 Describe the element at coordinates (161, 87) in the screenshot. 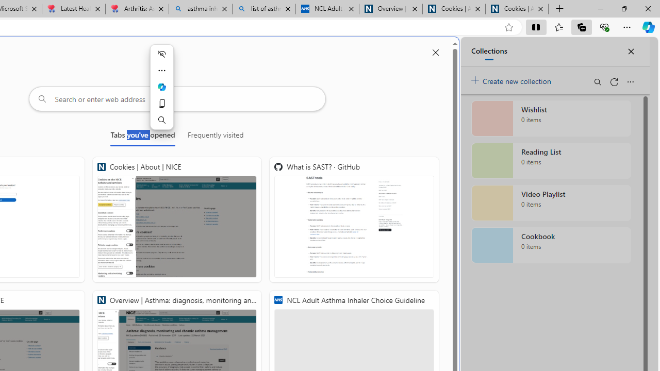

I see `'Mini menu on text selection'` at that location.